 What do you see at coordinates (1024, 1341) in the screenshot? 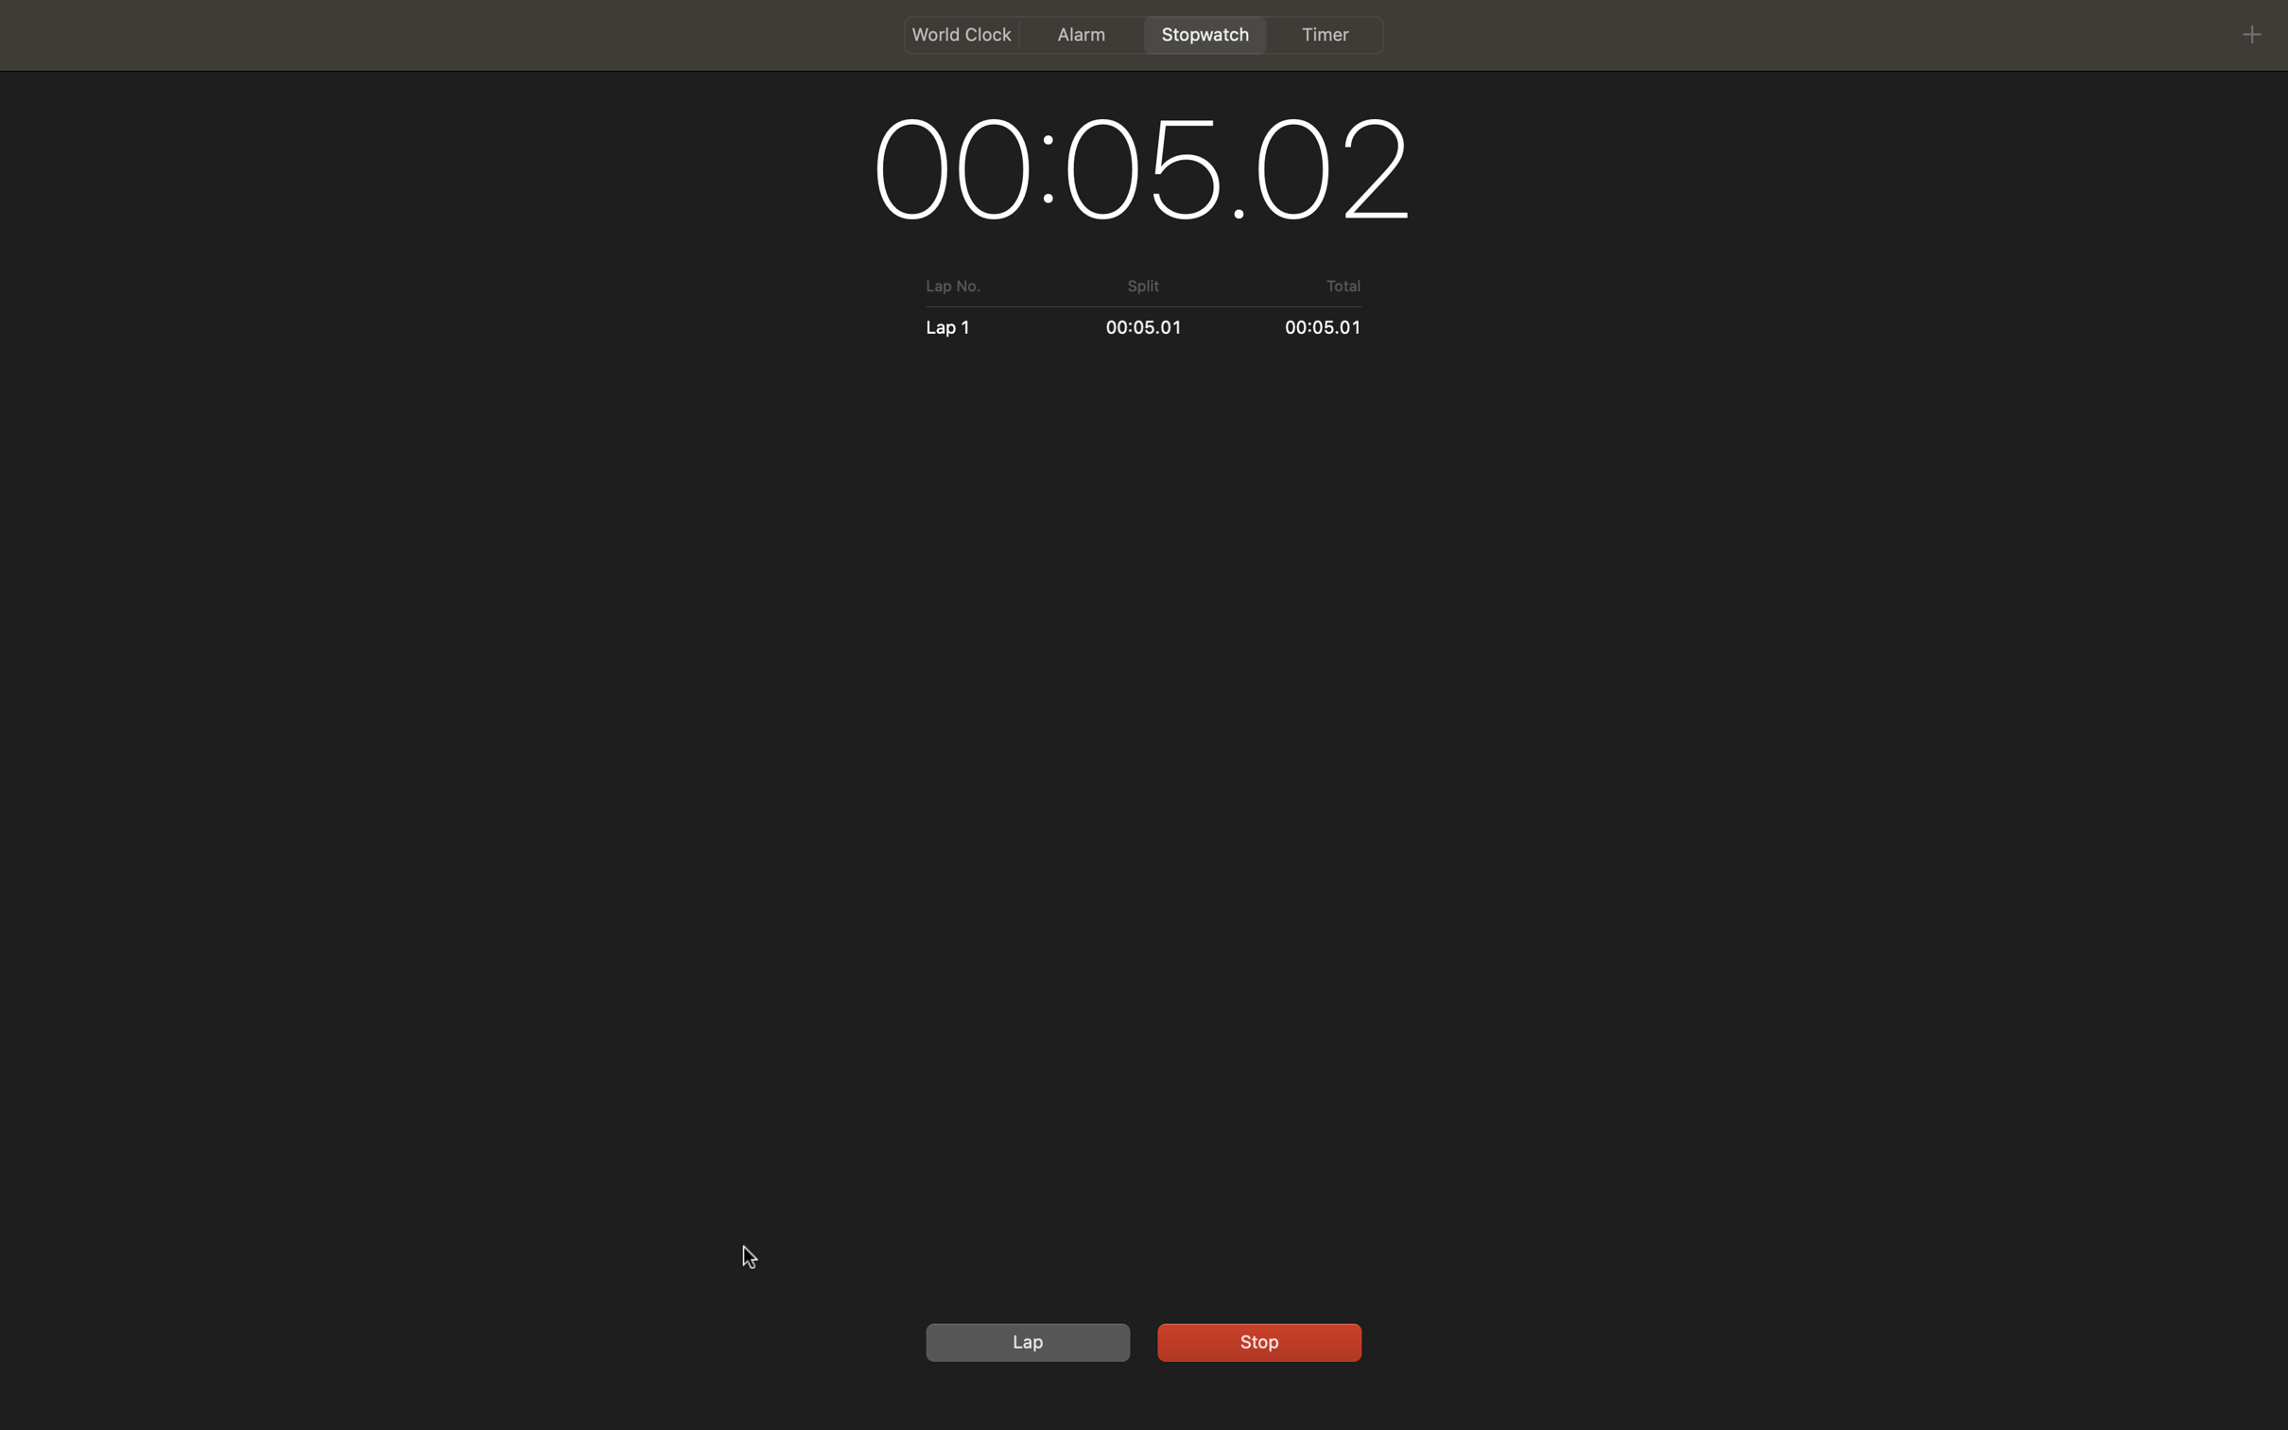
I see `Mark two laps and then halt the stopwatch` at bounding box center [1024, 1341].